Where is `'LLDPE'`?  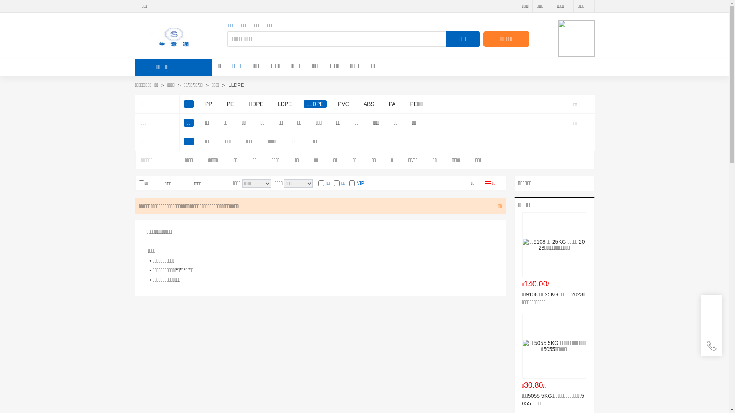
'LLDPE' is located at coordinates (235, 85).